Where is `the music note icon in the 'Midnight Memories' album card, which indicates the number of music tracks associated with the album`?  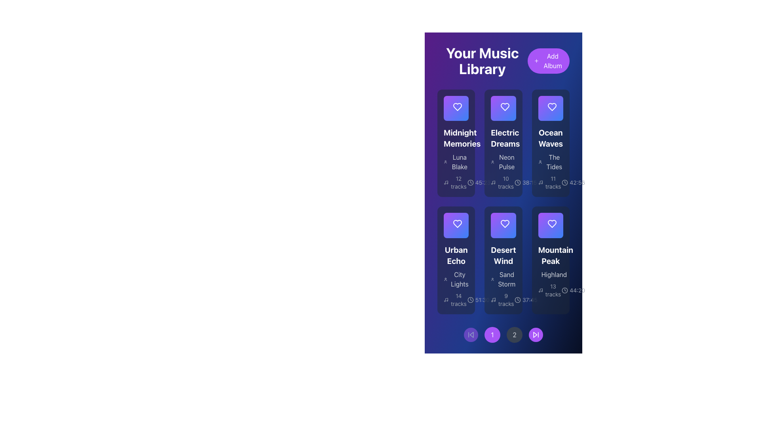 the music note icon in the 'Midnight Memories' album card, which indicates the number of music tracks associated with the album is located at coordinates (446, 183).